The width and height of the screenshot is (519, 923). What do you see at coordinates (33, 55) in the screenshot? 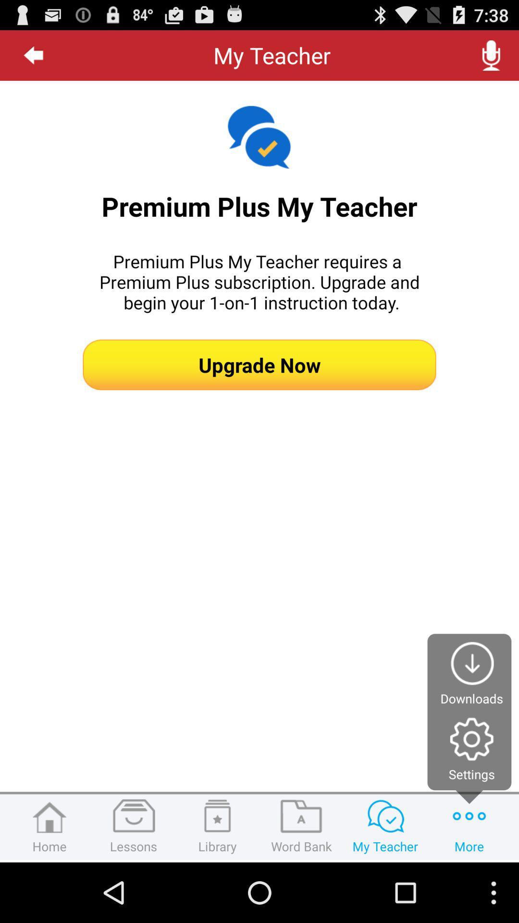
I see `the icon at the top left corner` at bounding box center [33, 55].